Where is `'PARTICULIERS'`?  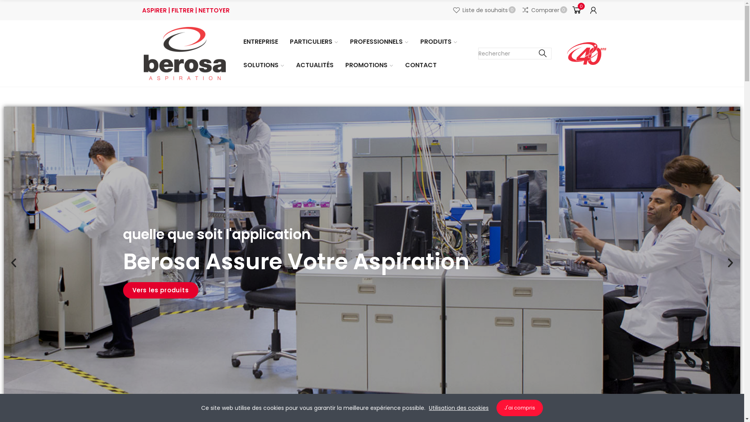
'PARTICULIERS' is located at coordinates (313, 42).